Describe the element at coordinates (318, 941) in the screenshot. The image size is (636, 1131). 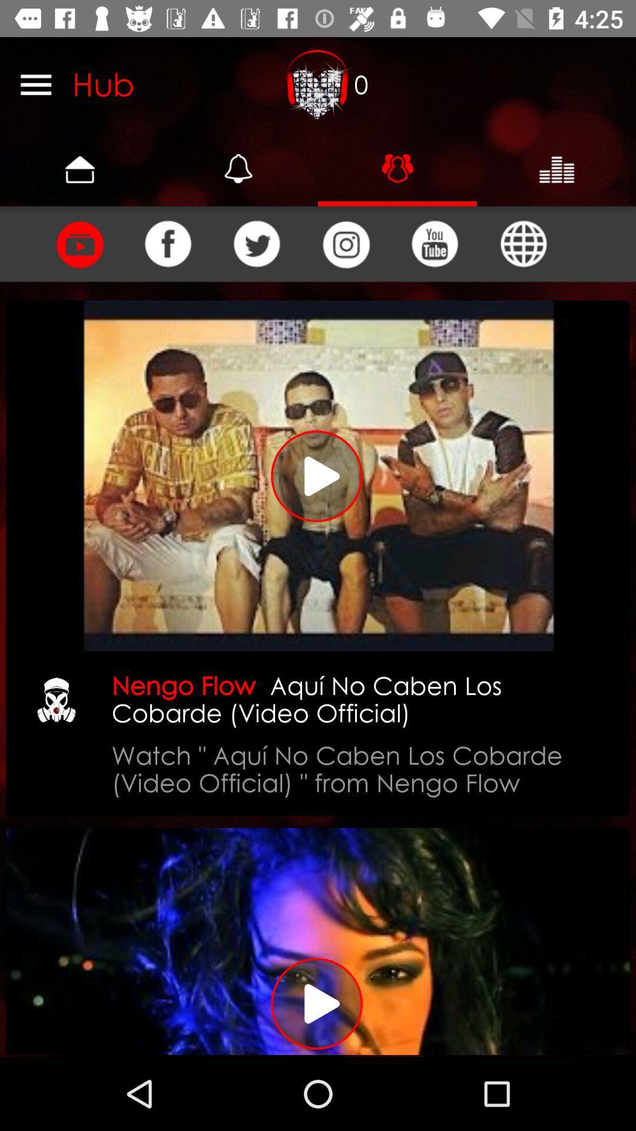
I see `sigue tu ritmo` at that location.